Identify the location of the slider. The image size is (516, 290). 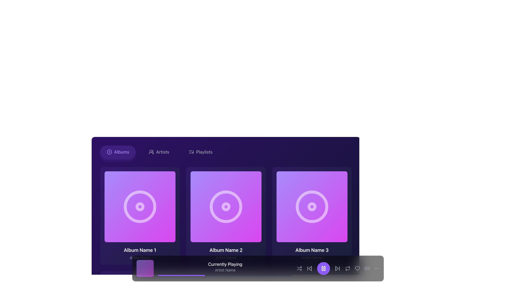
(182, 275).